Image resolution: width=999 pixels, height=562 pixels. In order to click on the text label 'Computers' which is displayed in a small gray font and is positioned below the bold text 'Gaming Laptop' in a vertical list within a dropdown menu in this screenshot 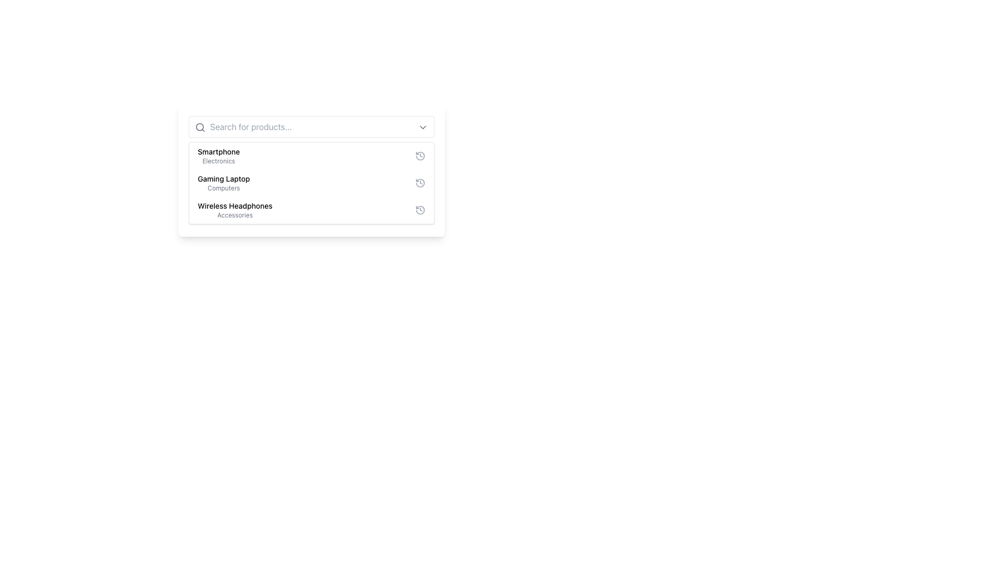, I will do `click(223, 188)`.